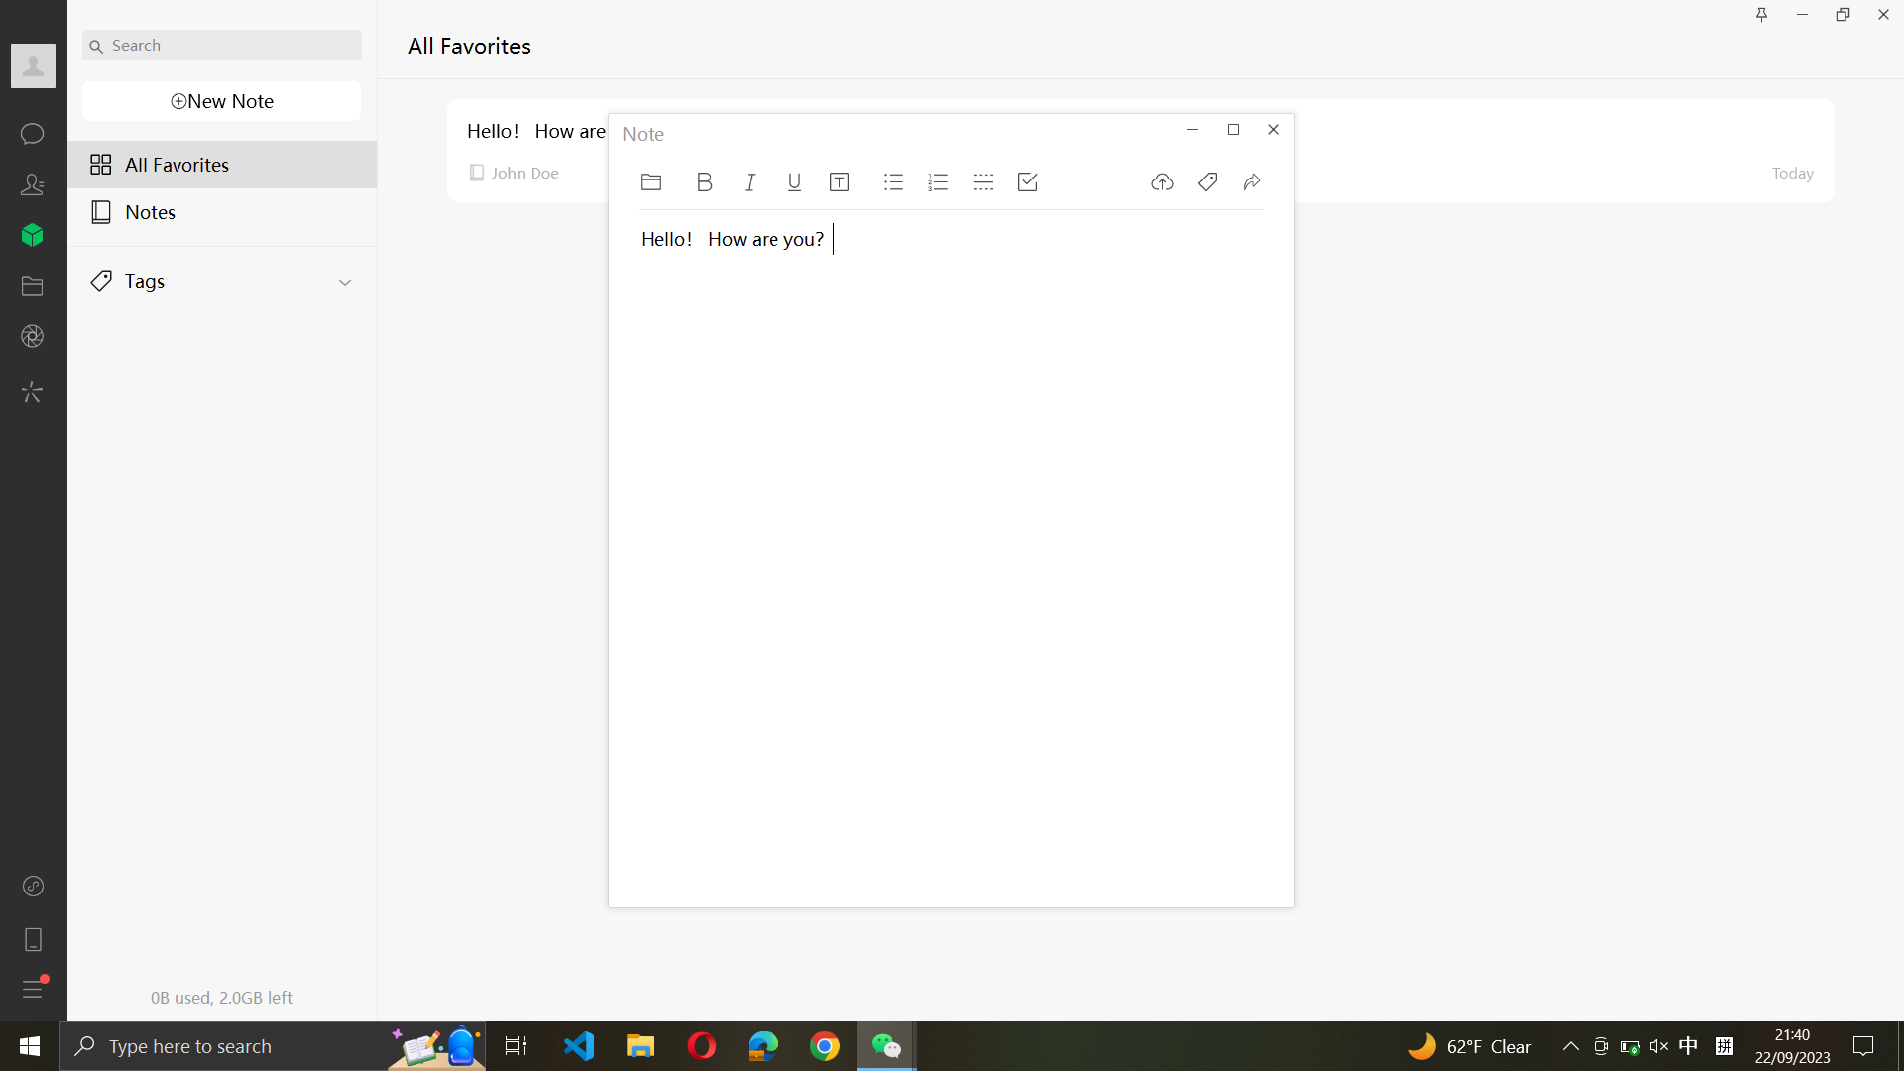 This screenshot has height=1071, width=1904. I want to click on the option to create a new note, then type in - "This is a New Note, so click(219, 102).